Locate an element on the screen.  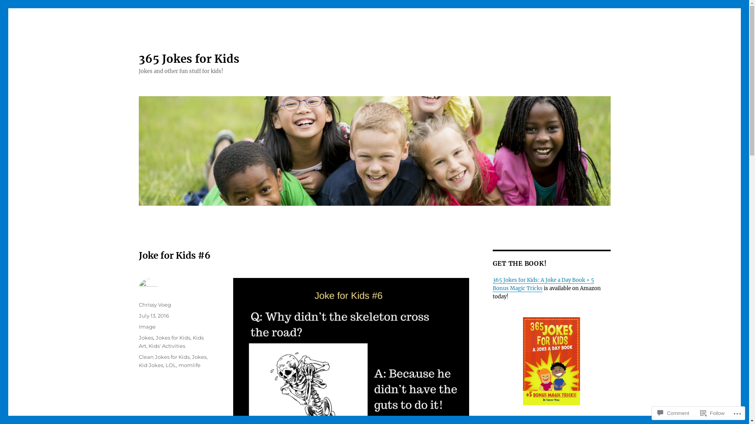
'July 13, 2016' is located at coordinates (153, 315).